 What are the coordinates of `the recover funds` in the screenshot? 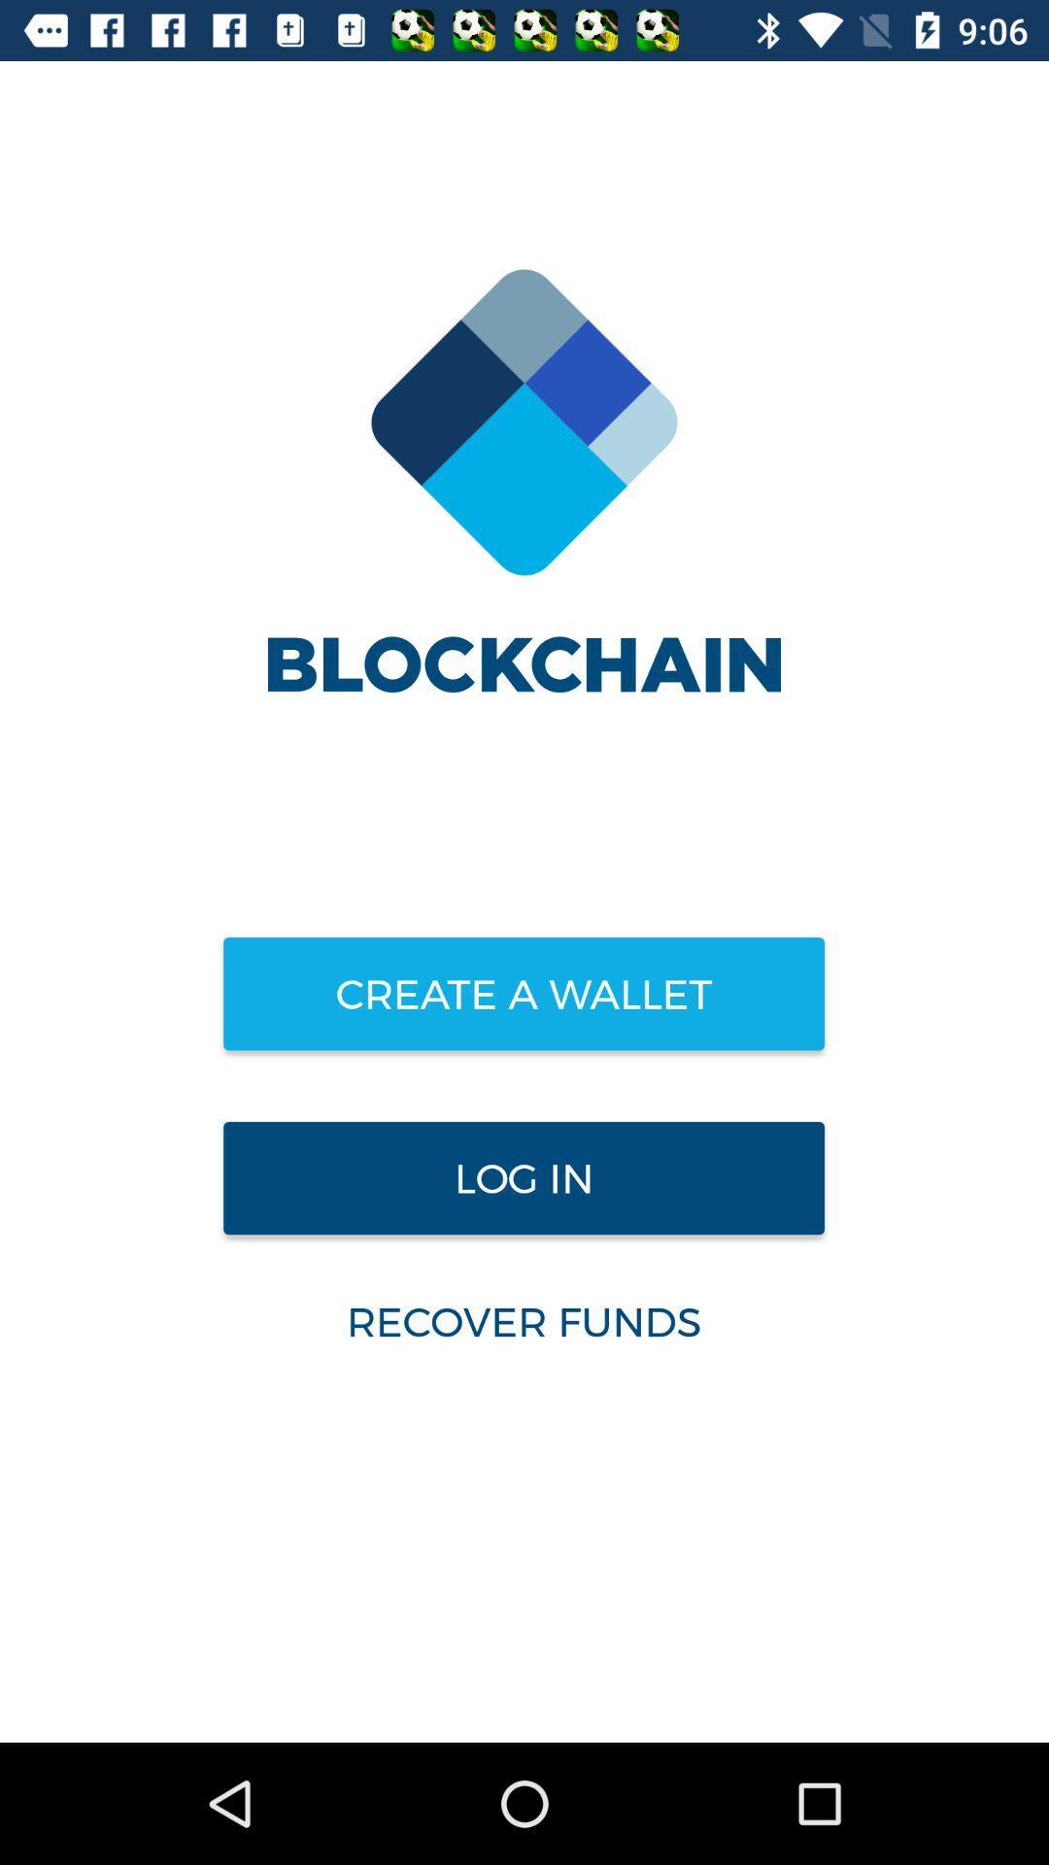 It's located at (523, 1321).